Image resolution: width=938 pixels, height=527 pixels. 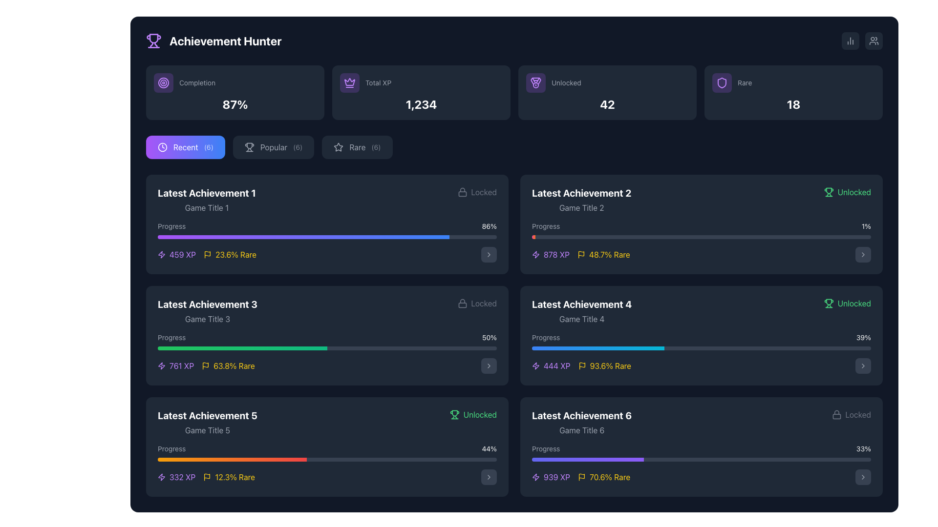 What do you see at coordinates (701, 347) in the screenshot?
I see `the progress bar located in the 'Latest Achievement 4' section, which visually represents completion progress and is horizontally aligned below the text 'Progress' and the value '39%.'` at bounding box center [701, 347].